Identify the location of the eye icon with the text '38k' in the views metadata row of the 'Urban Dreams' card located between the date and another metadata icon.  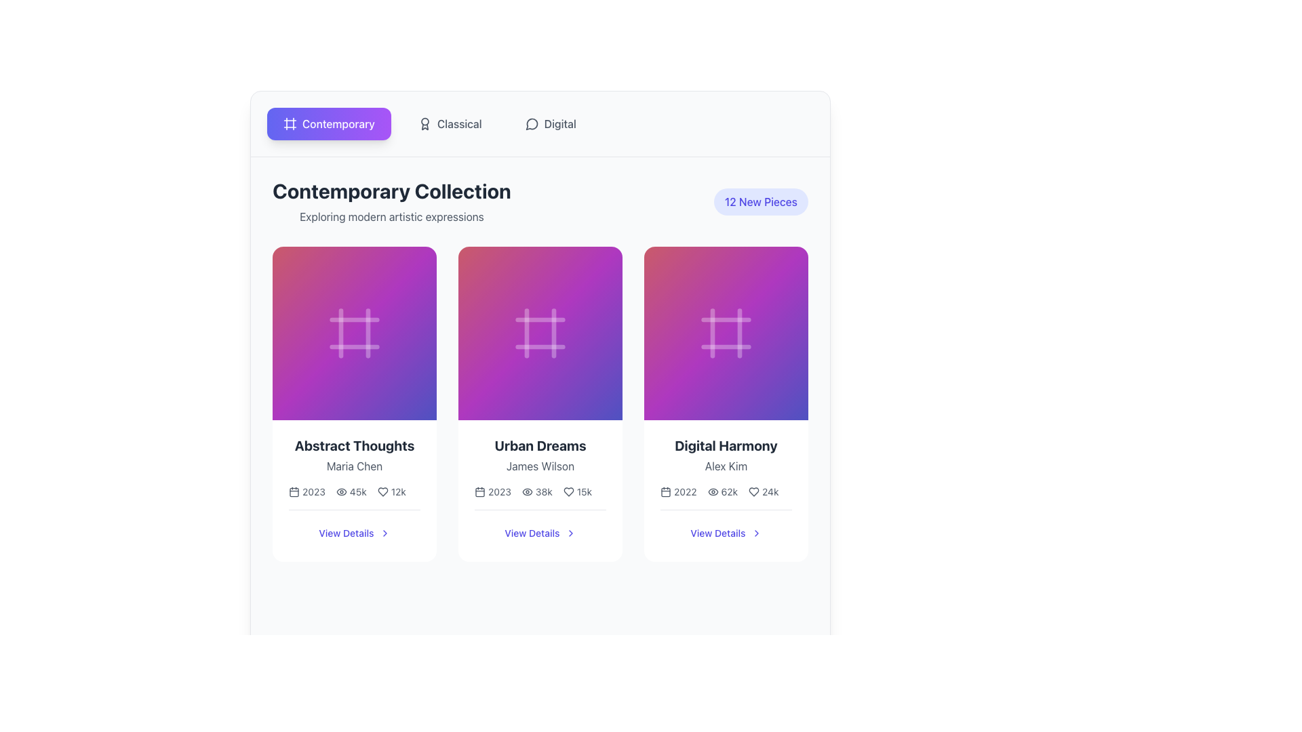
(536, 491).